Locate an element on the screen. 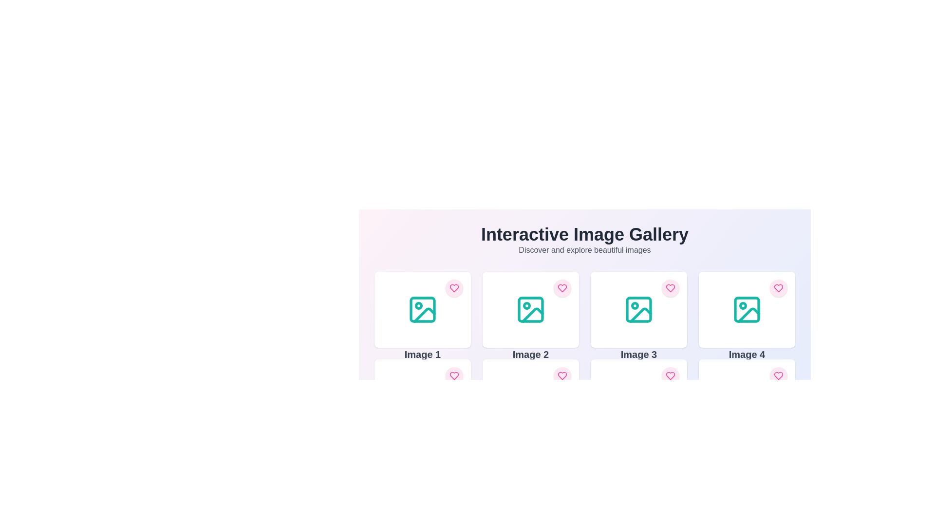 This screenshot has width=935, height=526. the heart-shaped icon with a pink outline located in the top-right corner of the fourth image card to like or unlike it is located at coordinates (778, 375).